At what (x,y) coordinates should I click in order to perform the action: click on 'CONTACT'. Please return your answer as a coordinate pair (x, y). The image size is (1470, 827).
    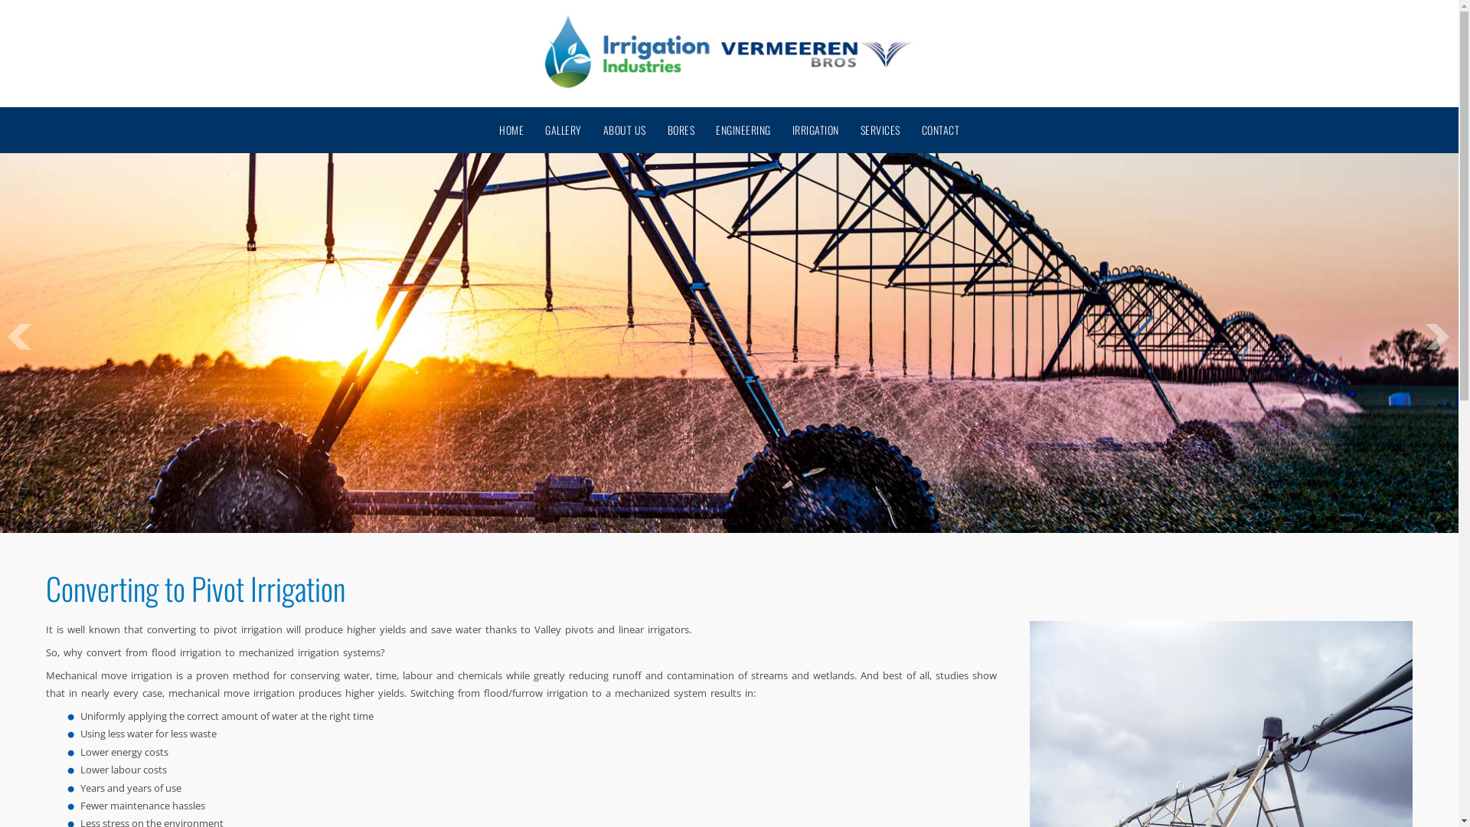
    Looking at the image, I should click on (939, 129).